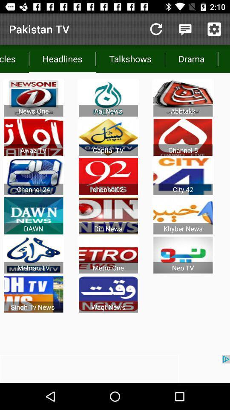 This screenshot has width=230, height=410. Describe the element at coordinates (14, 58) in the screenshot. I see `the app next to headlines app` at that location.